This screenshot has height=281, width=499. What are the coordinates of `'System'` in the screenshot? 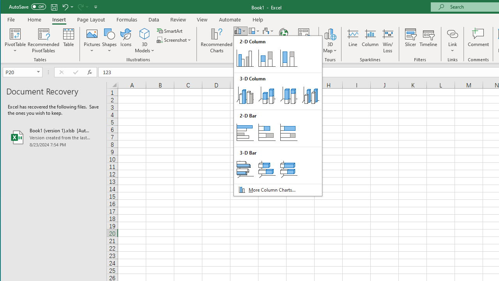 It's located at (7, 7).